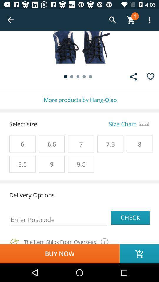 This screenshot has width=159, height=282. What do you see at coordinates (131, 20) in the screenshot?
I see `cart icon at top of the page right to search icon` at bounding box center [131, 20].